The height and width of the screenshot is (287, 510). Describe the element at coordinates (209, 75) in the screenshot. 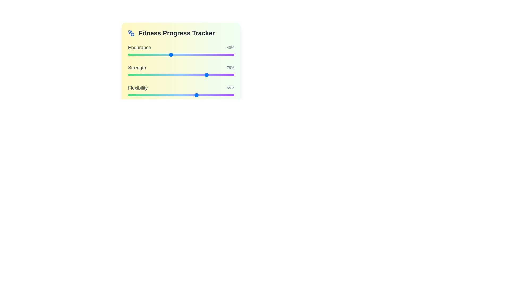

I see `the slider value` at that location.